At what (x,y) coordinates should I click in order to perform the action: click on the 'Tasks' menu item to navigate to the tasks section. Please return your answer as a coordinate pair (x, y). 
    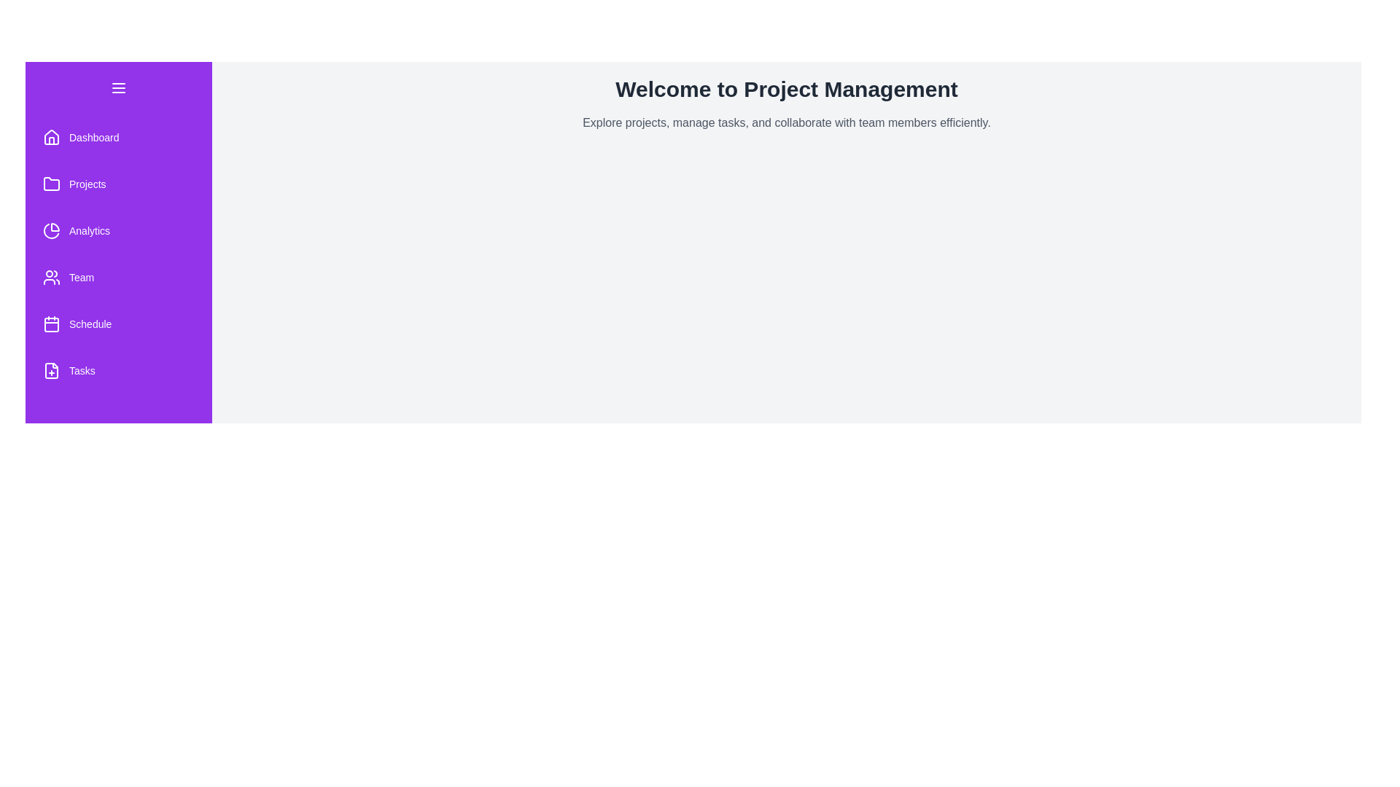
    Looking at the image, I should click on (119, 370).